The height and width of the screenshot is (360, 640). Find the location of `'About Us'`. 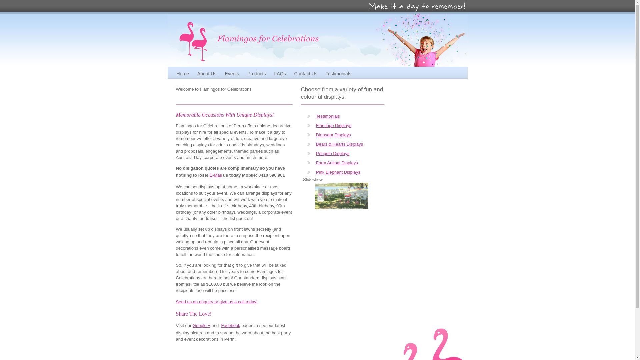

'About Us' is located at coordinates (193, 73).